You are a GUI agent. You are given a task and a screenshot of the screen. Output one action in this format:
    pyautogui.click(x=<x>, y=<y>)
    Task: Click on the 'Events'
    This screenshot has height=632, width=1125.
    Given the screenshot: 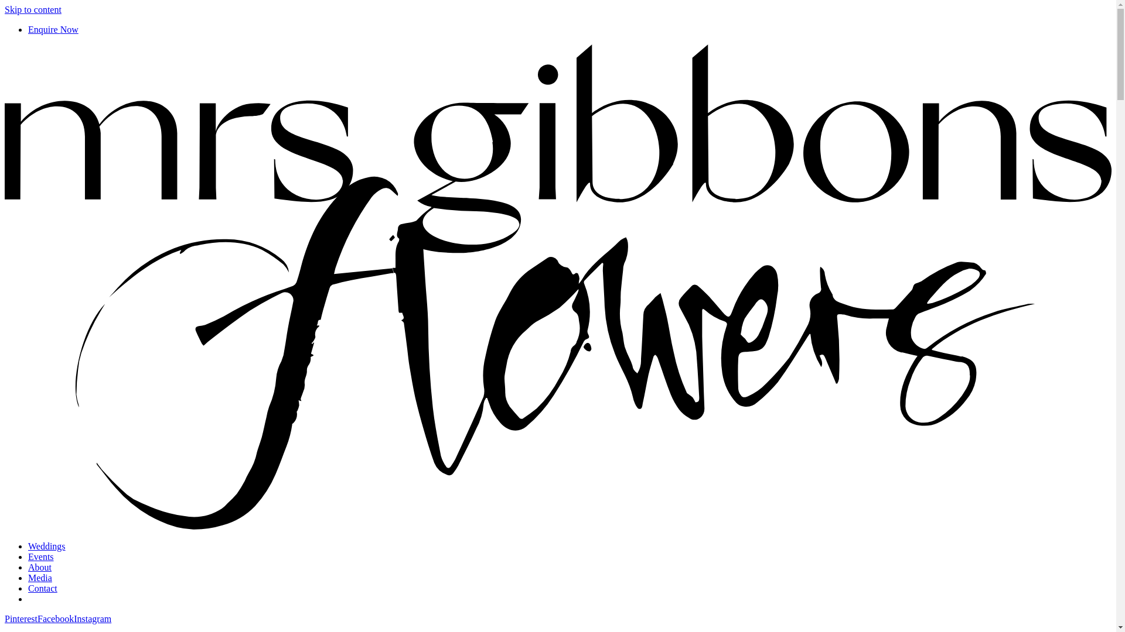 What is the action you would take?
    pyautogui.click(x=41, y=556)
    